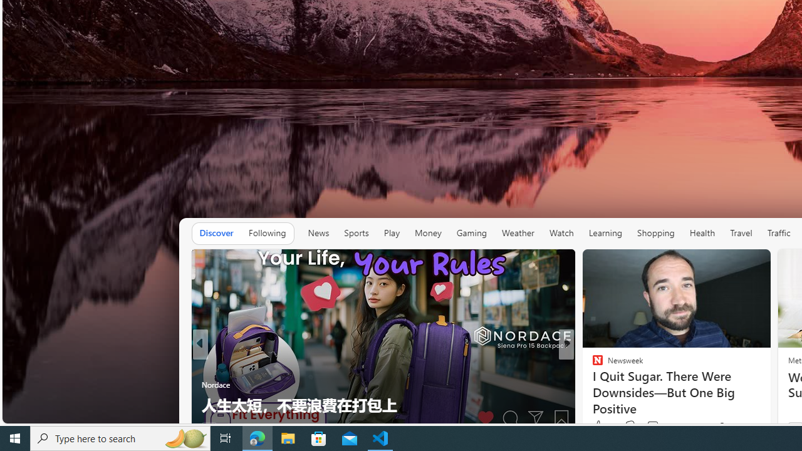  What do you see at coordinates (391, 233) in the screenshot?
I see `'Play'` at bounding box center [391, 233].